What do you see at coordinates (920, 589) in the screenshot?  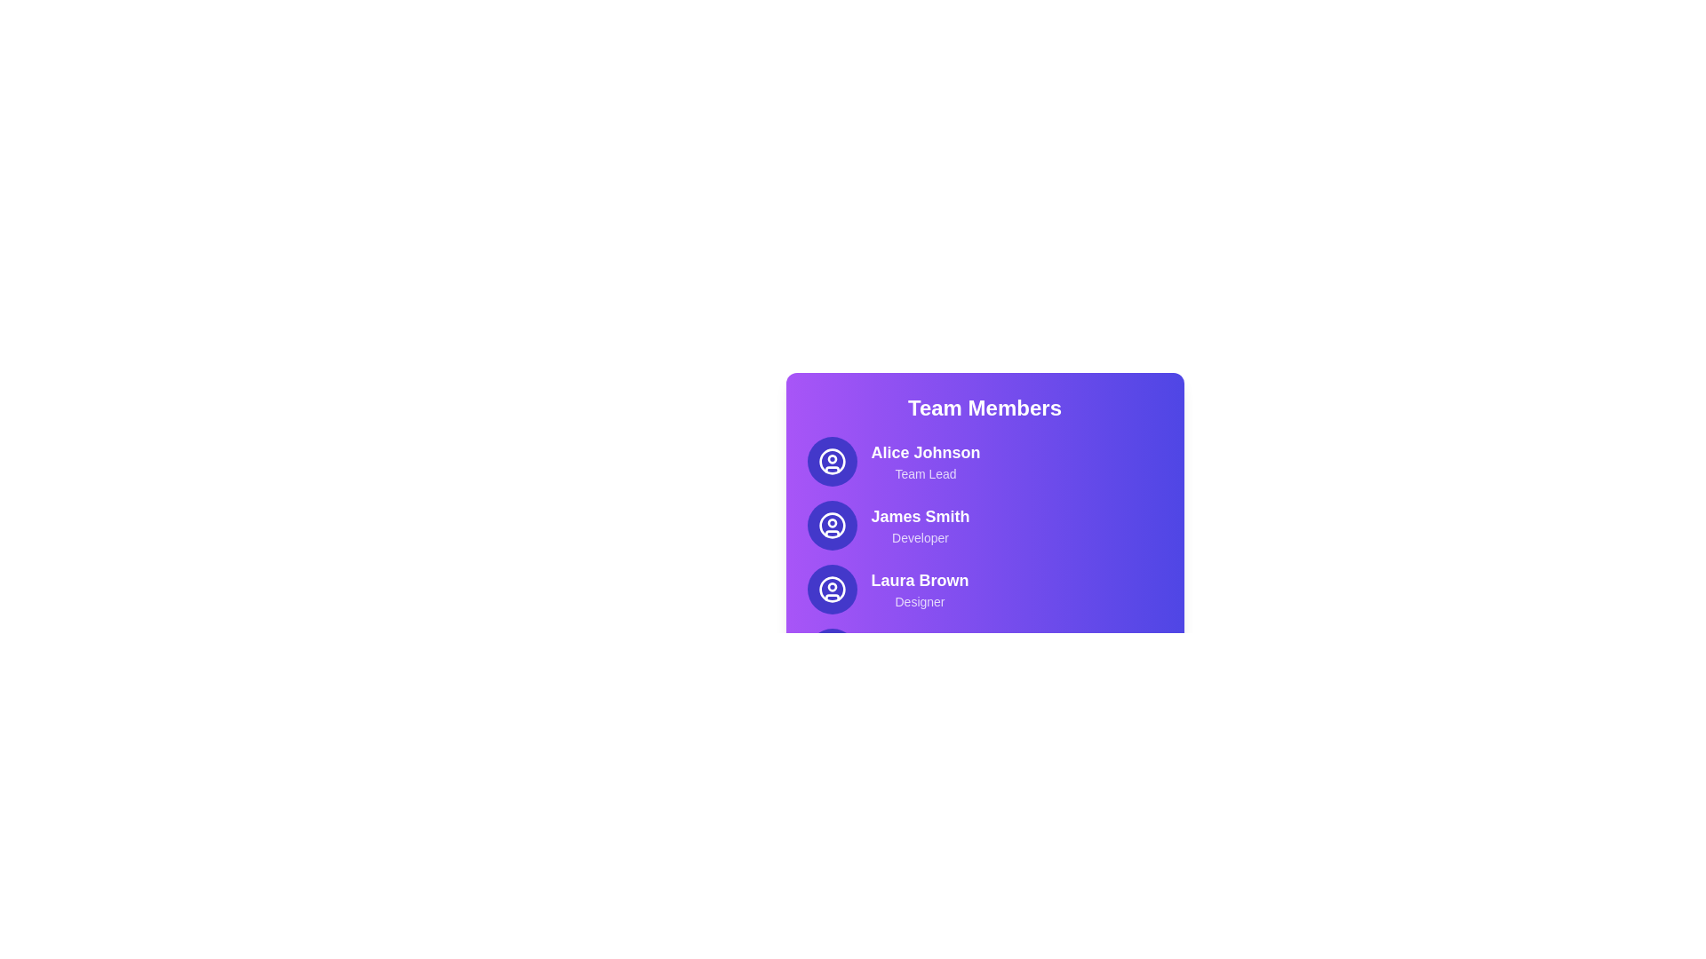 I see `name 'Laura Brown' and role 'Designer' displayed in the Text Display Group, which is the third entry in the list of team members, positioned beneath 'James Smith (Developer)'` at bounding box center [920, 589].